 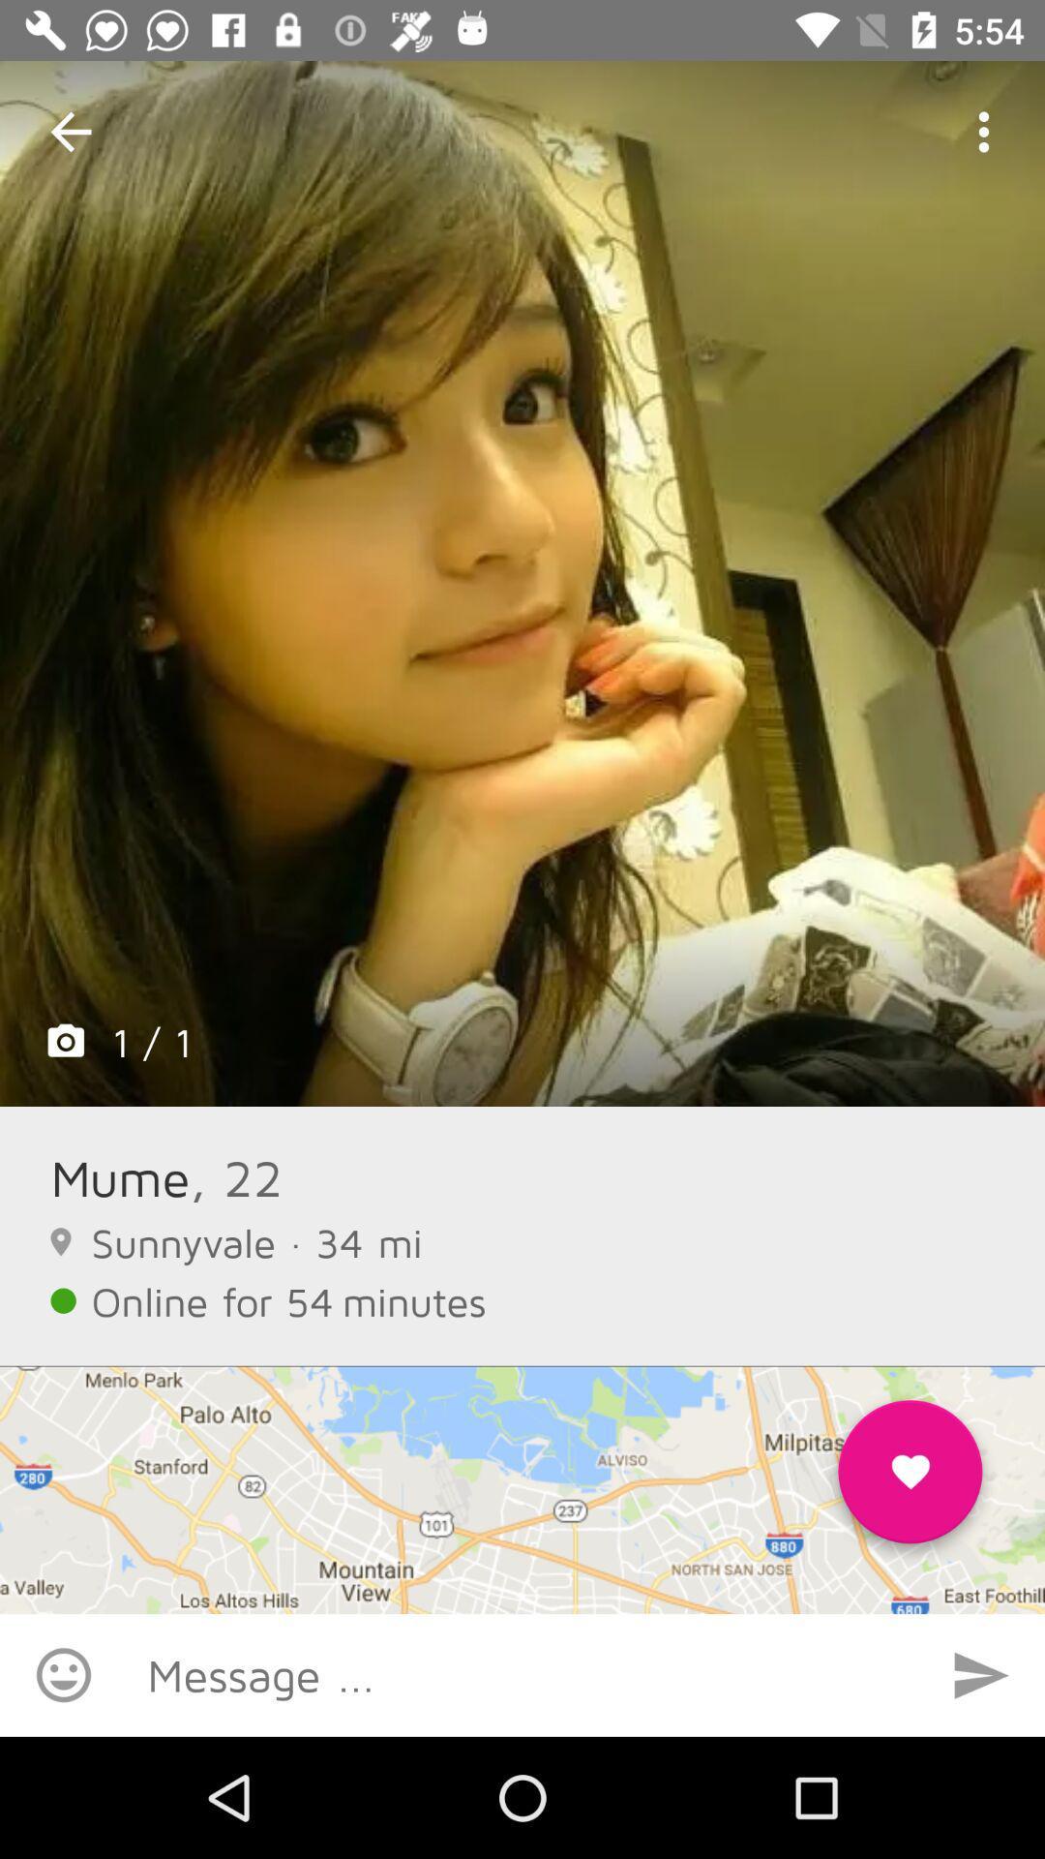 I want to click on open emojis, so click(x=62, y=1674).